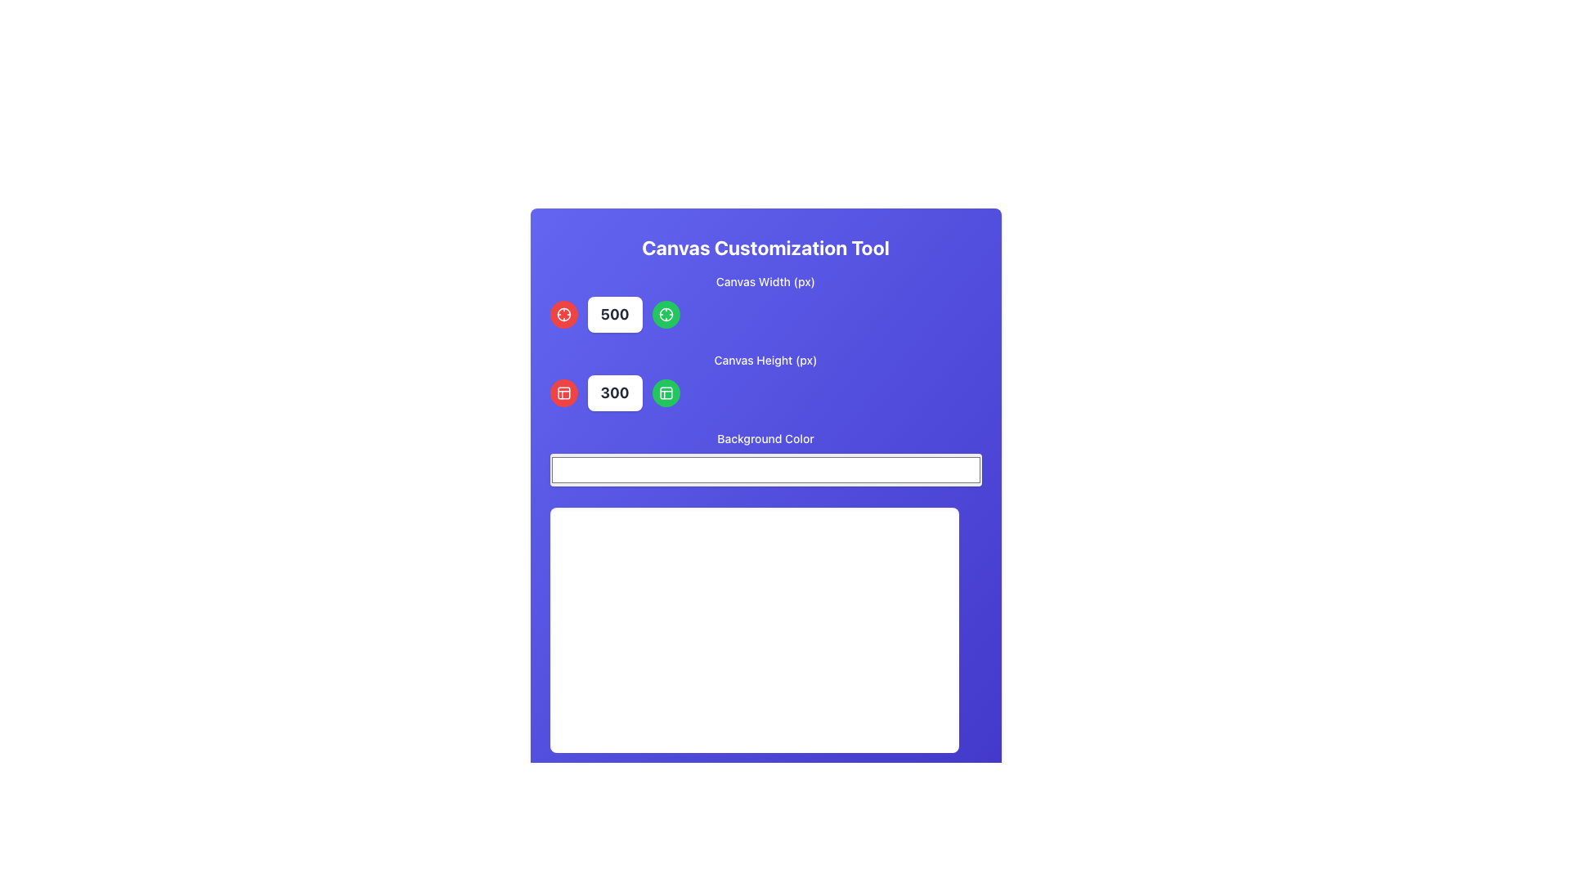 This screenshot has width=1570, height=883. Describe the element at coordinates (563, 315) in the screenshot. I see `the reset button located in the top-left section of the interface, which is aligned to the left of the input labeled '500'` at that location.